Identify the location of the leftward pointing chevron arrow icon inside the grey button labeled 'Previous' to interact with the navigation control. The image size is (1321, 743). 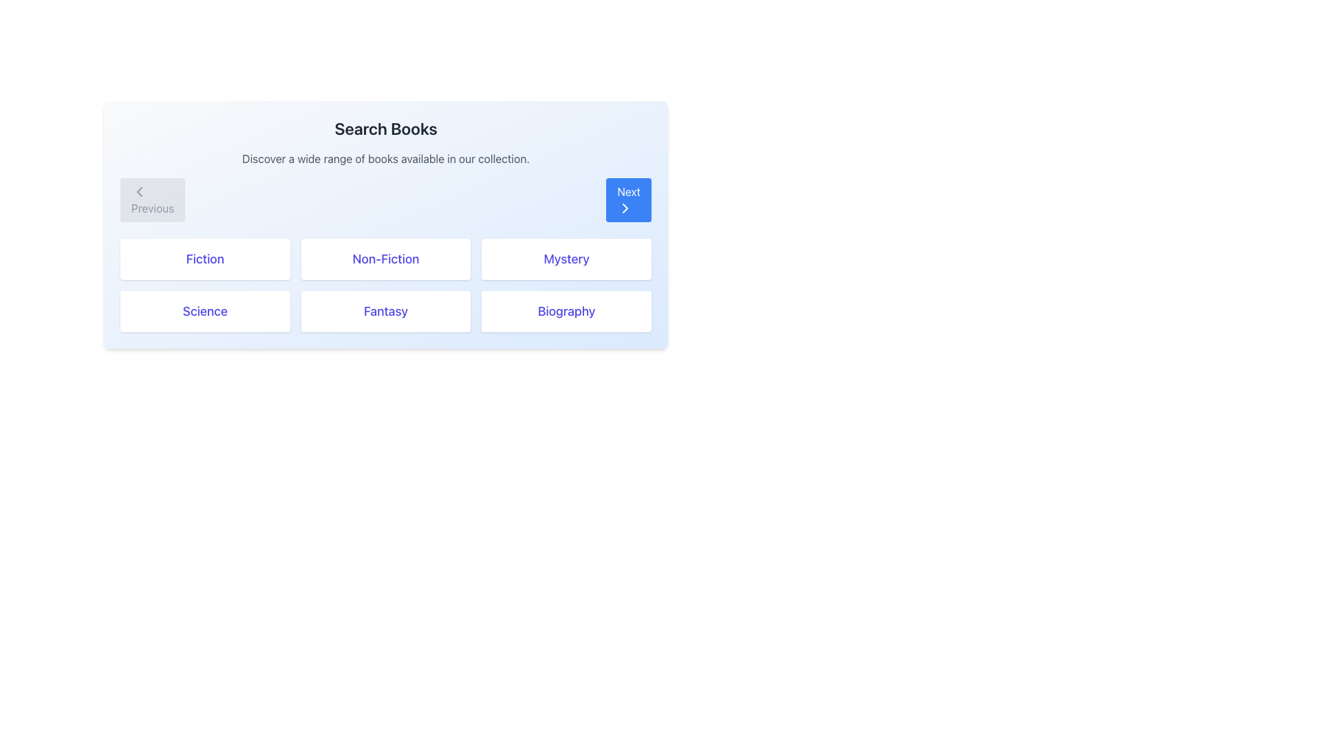
(139, 191).